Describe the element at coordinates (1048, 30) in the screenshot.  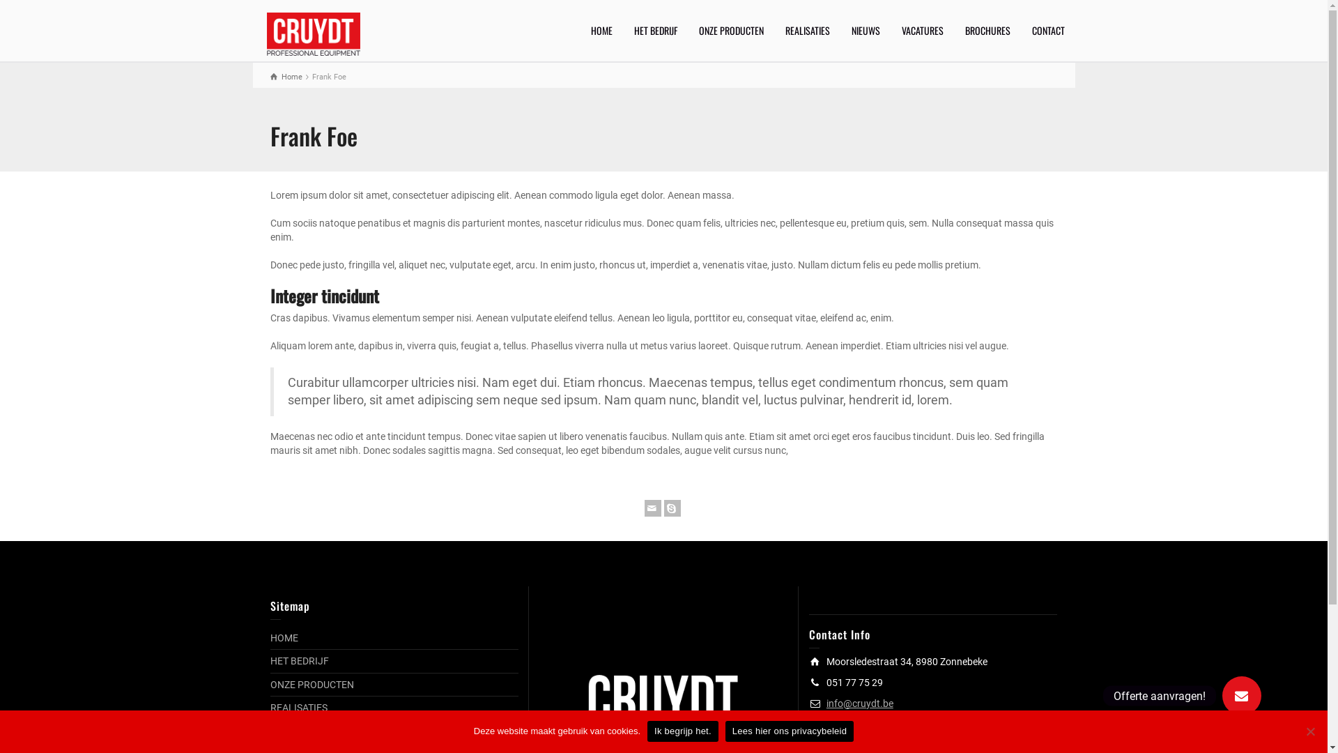
I see `'CONTACT'` at that location.